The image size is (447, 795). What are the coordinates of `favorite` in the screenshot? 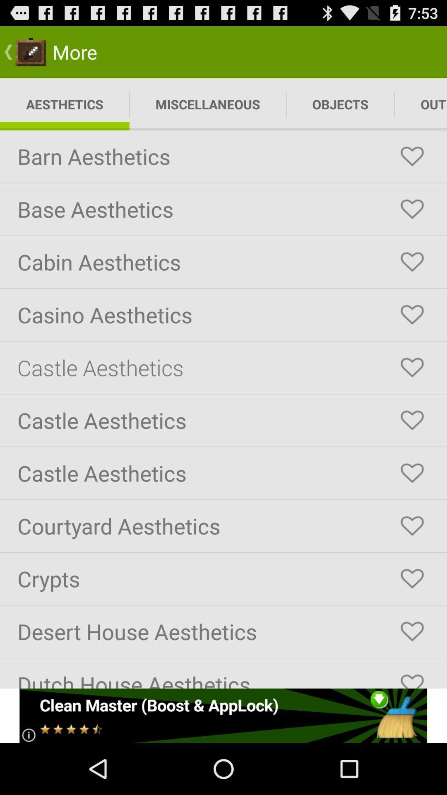 It's located at (412, 314).